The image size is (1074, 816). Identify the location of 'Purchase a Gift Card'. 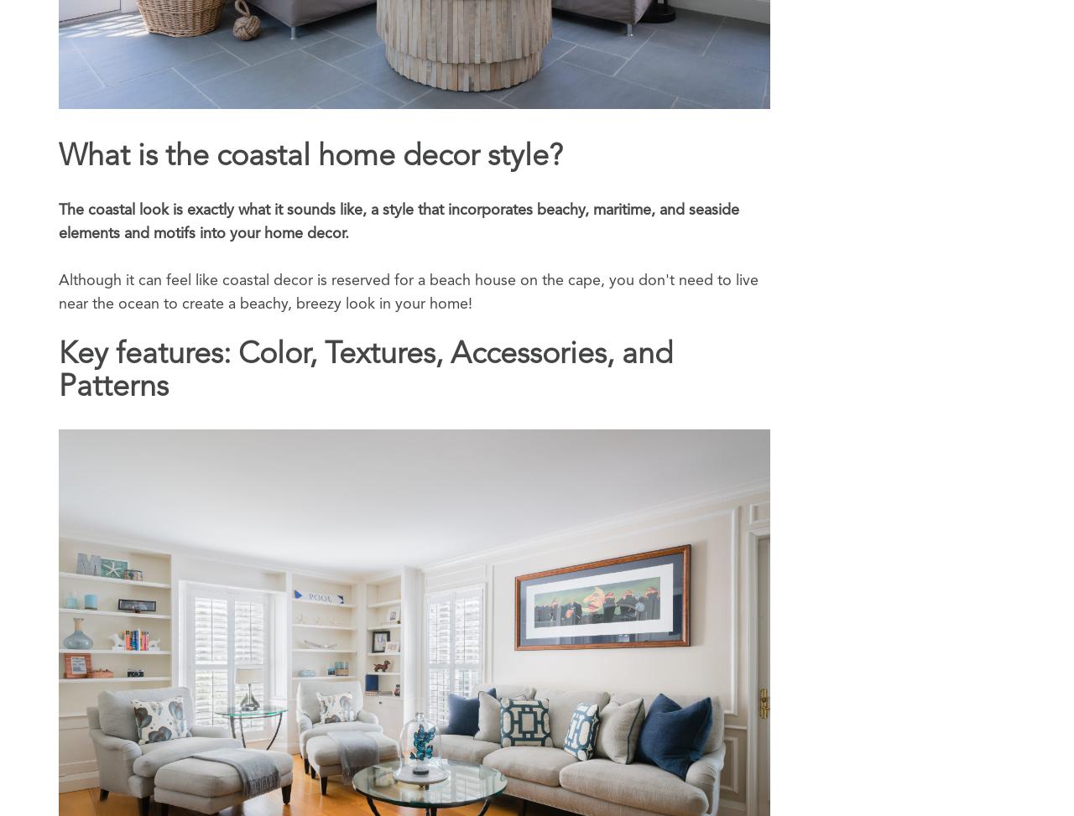
(851, 714).